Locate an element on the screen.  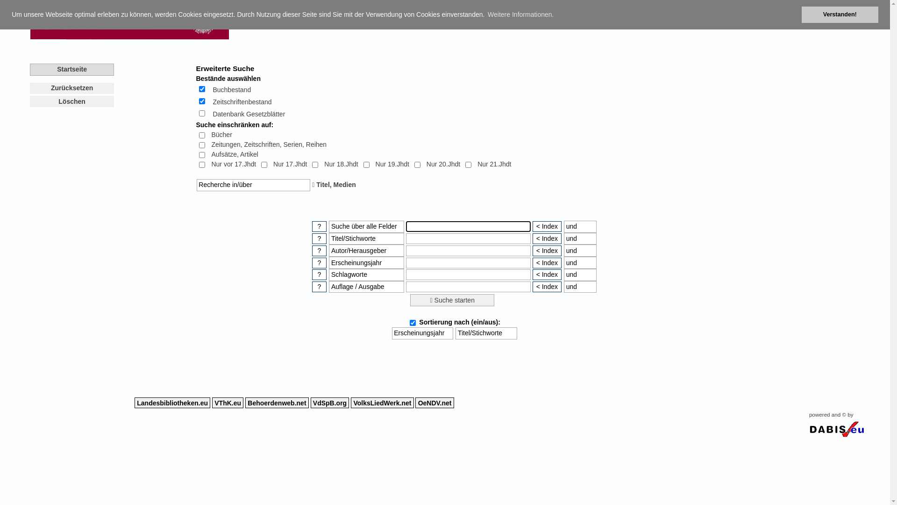
'Startseite' is located at coordinates (71, 69).